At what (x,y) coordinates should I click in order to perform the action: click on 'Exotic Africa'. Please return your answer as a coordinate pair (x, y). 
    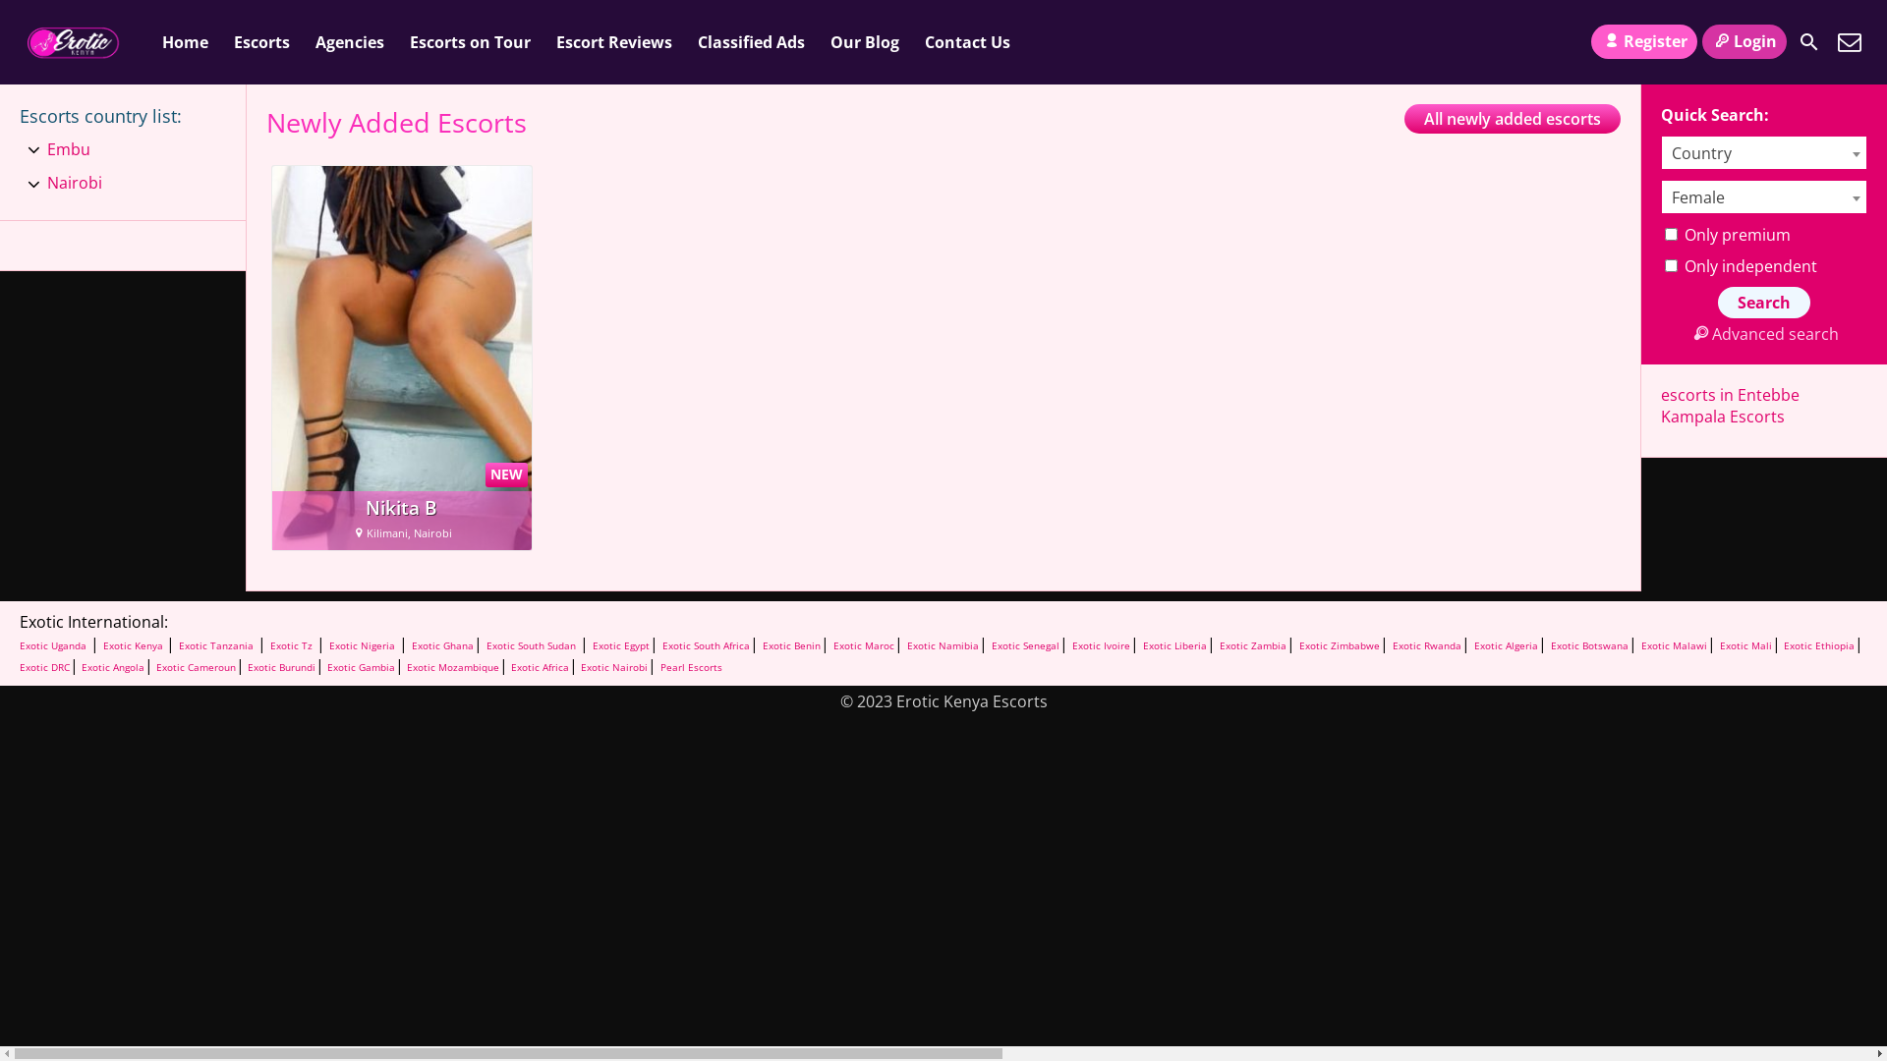
    Looking at the image, I should click on (538, 665).